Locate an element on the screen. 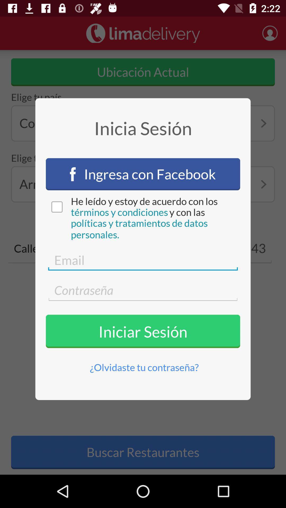 The height and width of the screenshot is (508, 286). the icon next to the y con las is located at coordinates (119, 212).